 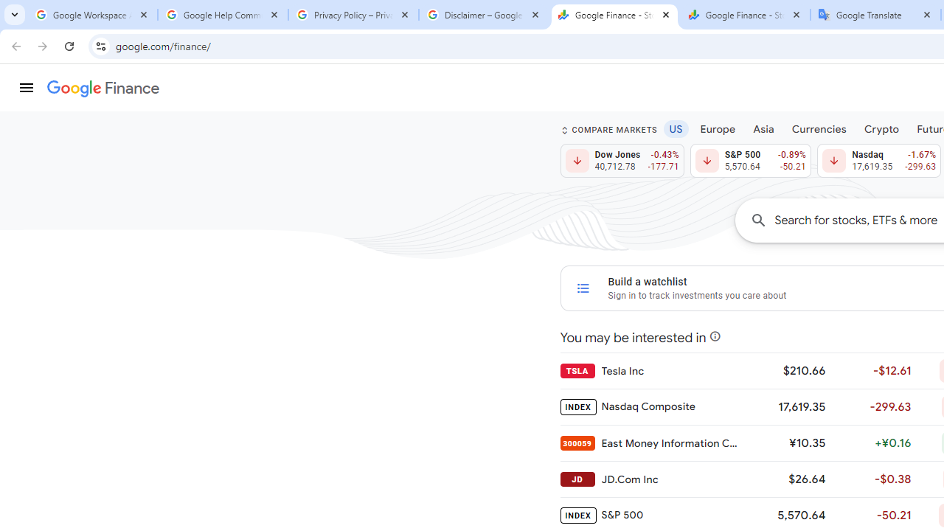 I want to click on 'S&P 500 5,570.64 Down by 0.89% -50.21', so click(x=750, y=161).